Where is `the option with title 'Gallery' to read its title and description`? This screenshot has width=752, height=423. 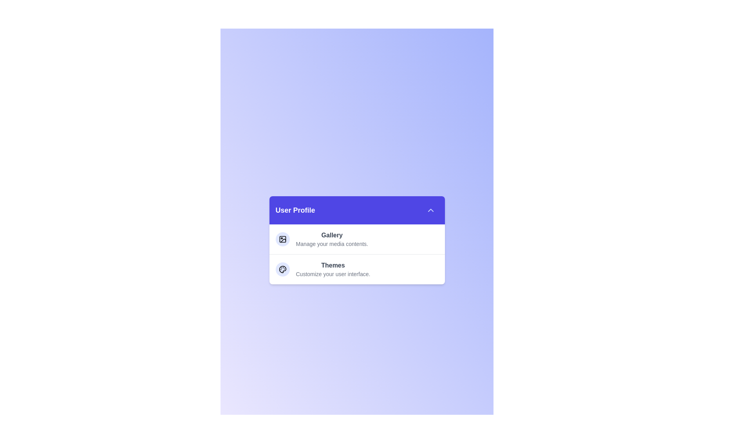
the option with title 'Gallery' to read its title and description is located at coordinates (356, 239).